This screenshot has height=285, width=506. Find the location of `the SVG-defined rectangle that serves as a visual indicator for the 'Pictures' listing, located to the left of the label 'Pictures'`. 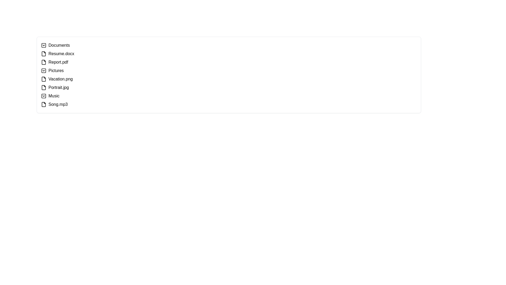

the SVG-defined rectangle that serves as a visual indicator for the 'Pictures' listing, located to the left of the label 'Pictures' is located at coordinates (44, 70).